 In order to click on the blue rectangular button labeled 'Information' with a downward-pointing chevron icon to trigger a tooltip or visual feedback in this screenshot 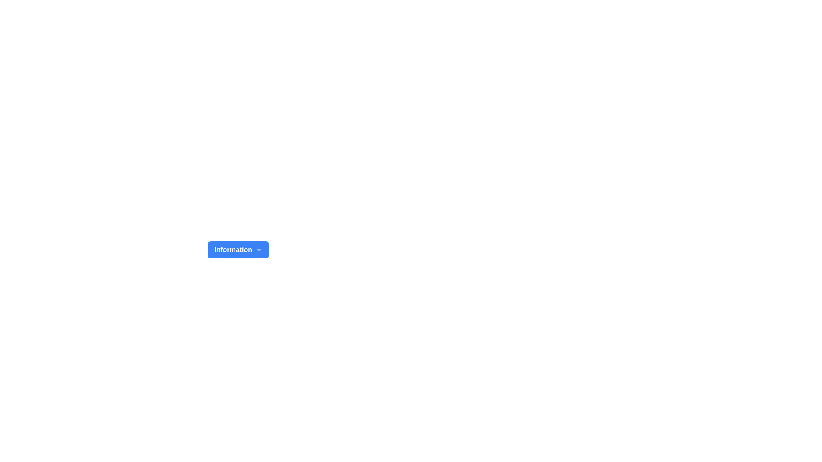, I will do `click(238, 249)`.